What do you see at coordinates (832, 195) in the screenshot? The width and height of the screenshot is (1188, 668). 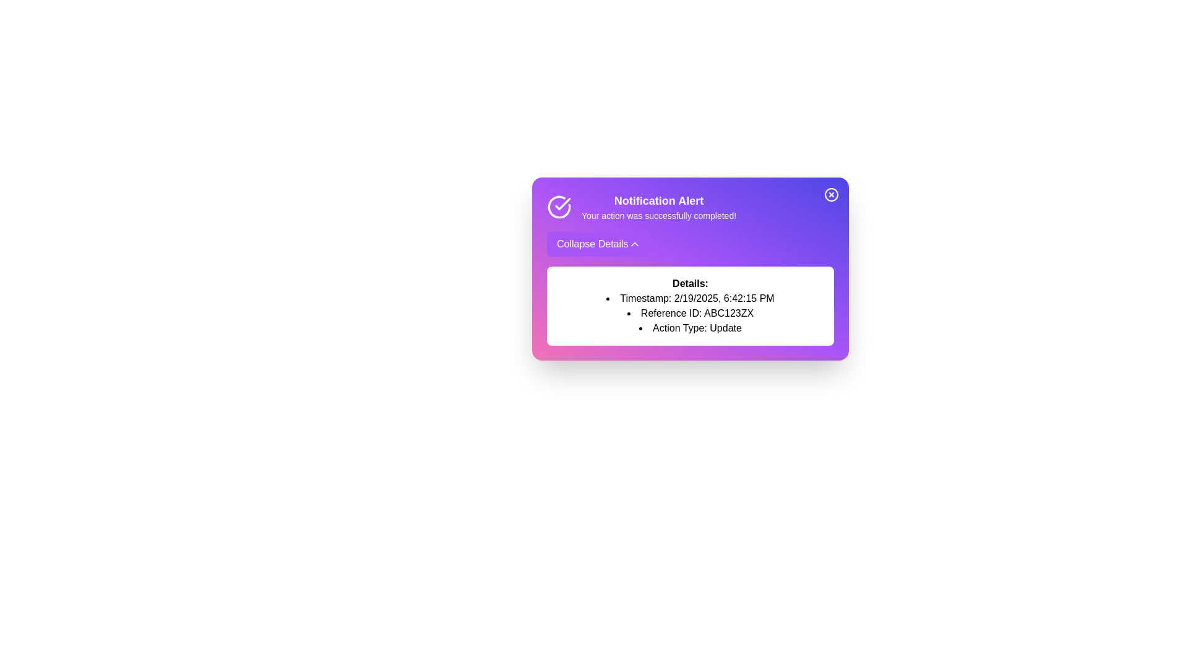 I see `the close button to hide the notification` at bounding box center [832, 195].